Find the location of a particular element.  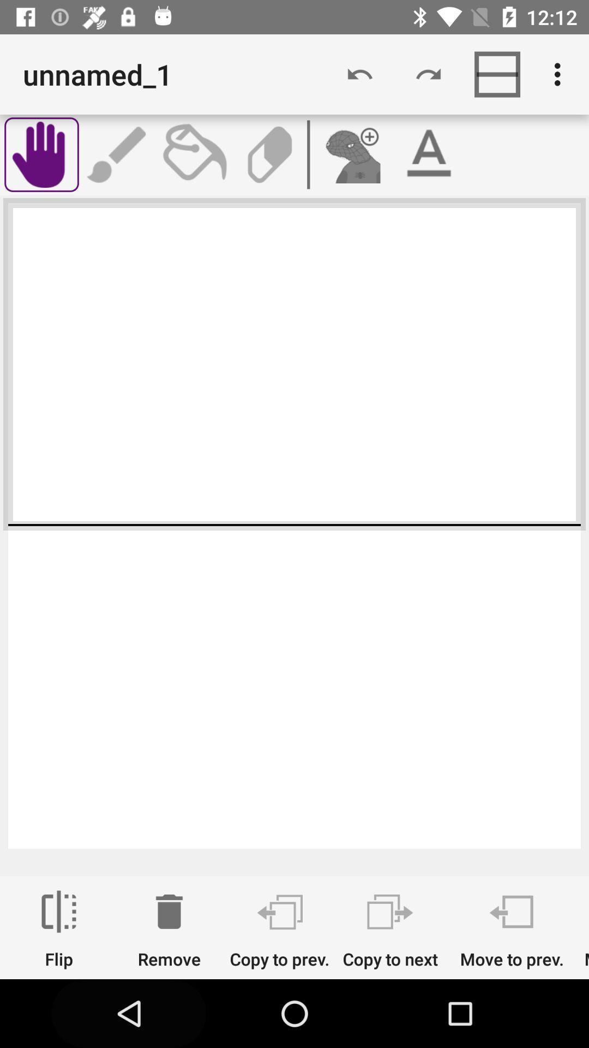

flip item is located at coordinates (59, 929).